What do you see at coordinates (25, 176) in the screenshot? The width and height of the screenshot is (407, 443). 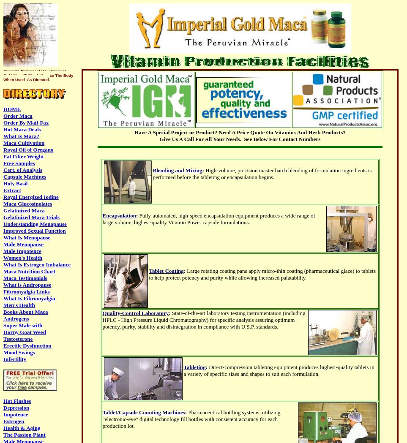 I see `'Capsule Machines'` at bounding box center [25, 176].